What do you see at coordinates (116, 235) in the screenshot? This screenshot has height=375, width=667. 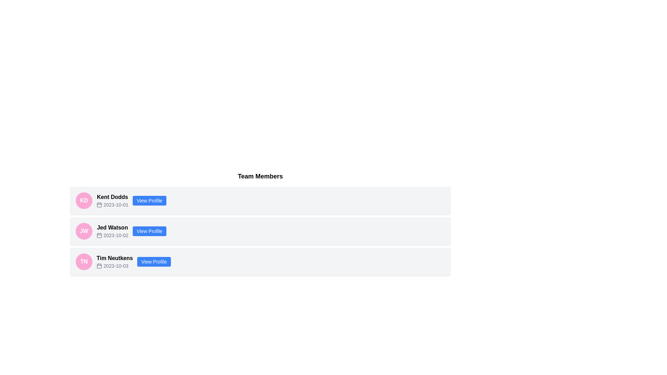 I see `the date label '2023-10-02' displayed in a minimalistic font style, right-aligned next to the calendar icon in the 'Team Members' list for user 'Jed Watson'` at bounding box center [116, 235].